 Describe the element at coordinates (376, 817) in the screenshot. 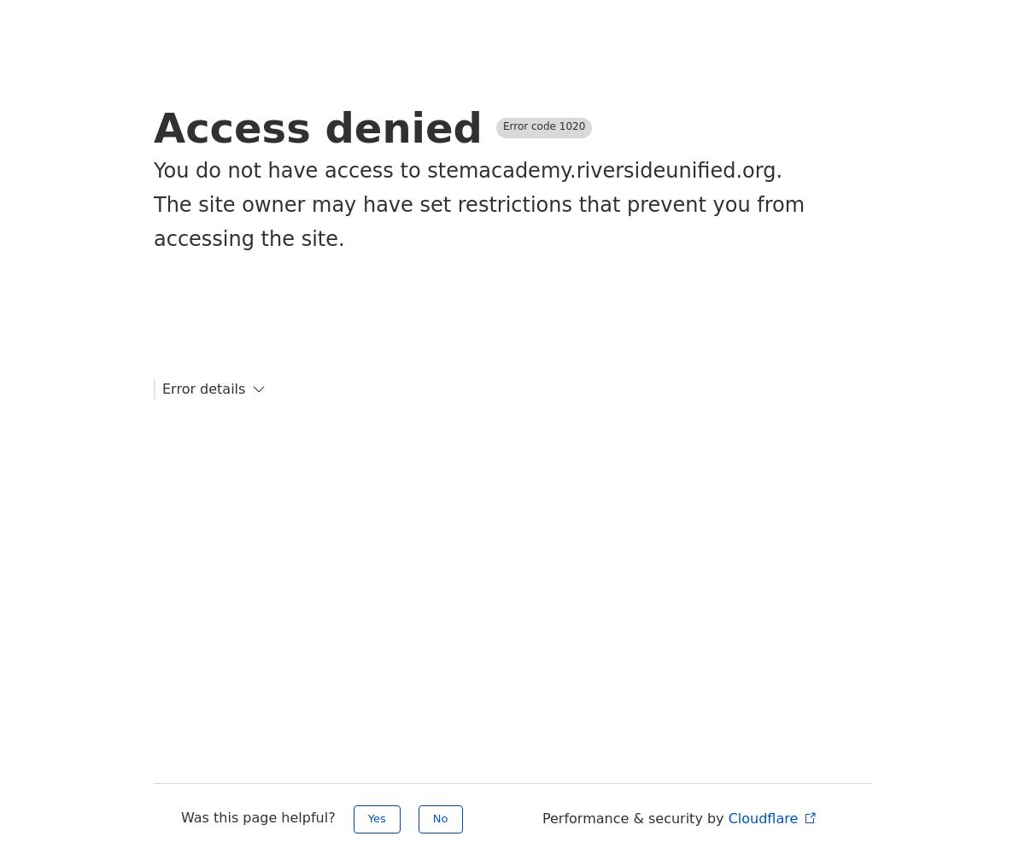

I see `'Yes'` at that location.